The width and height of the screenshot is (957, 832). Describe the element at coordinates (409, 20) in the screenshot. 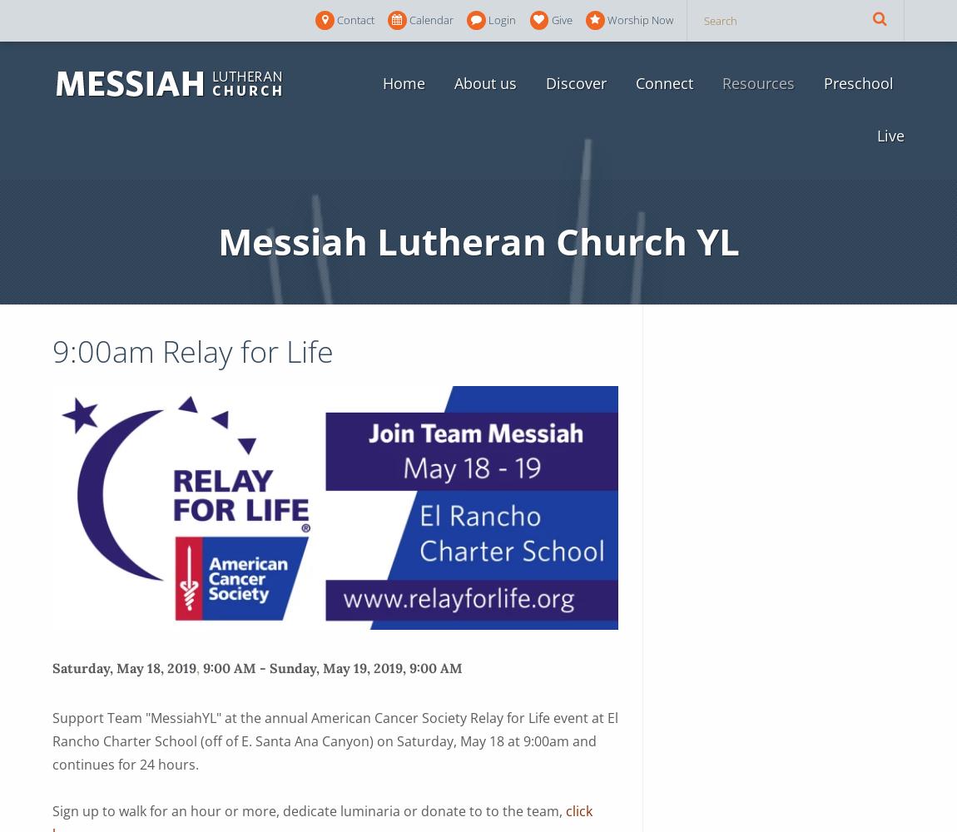

I see `'Calendar'` at that location.